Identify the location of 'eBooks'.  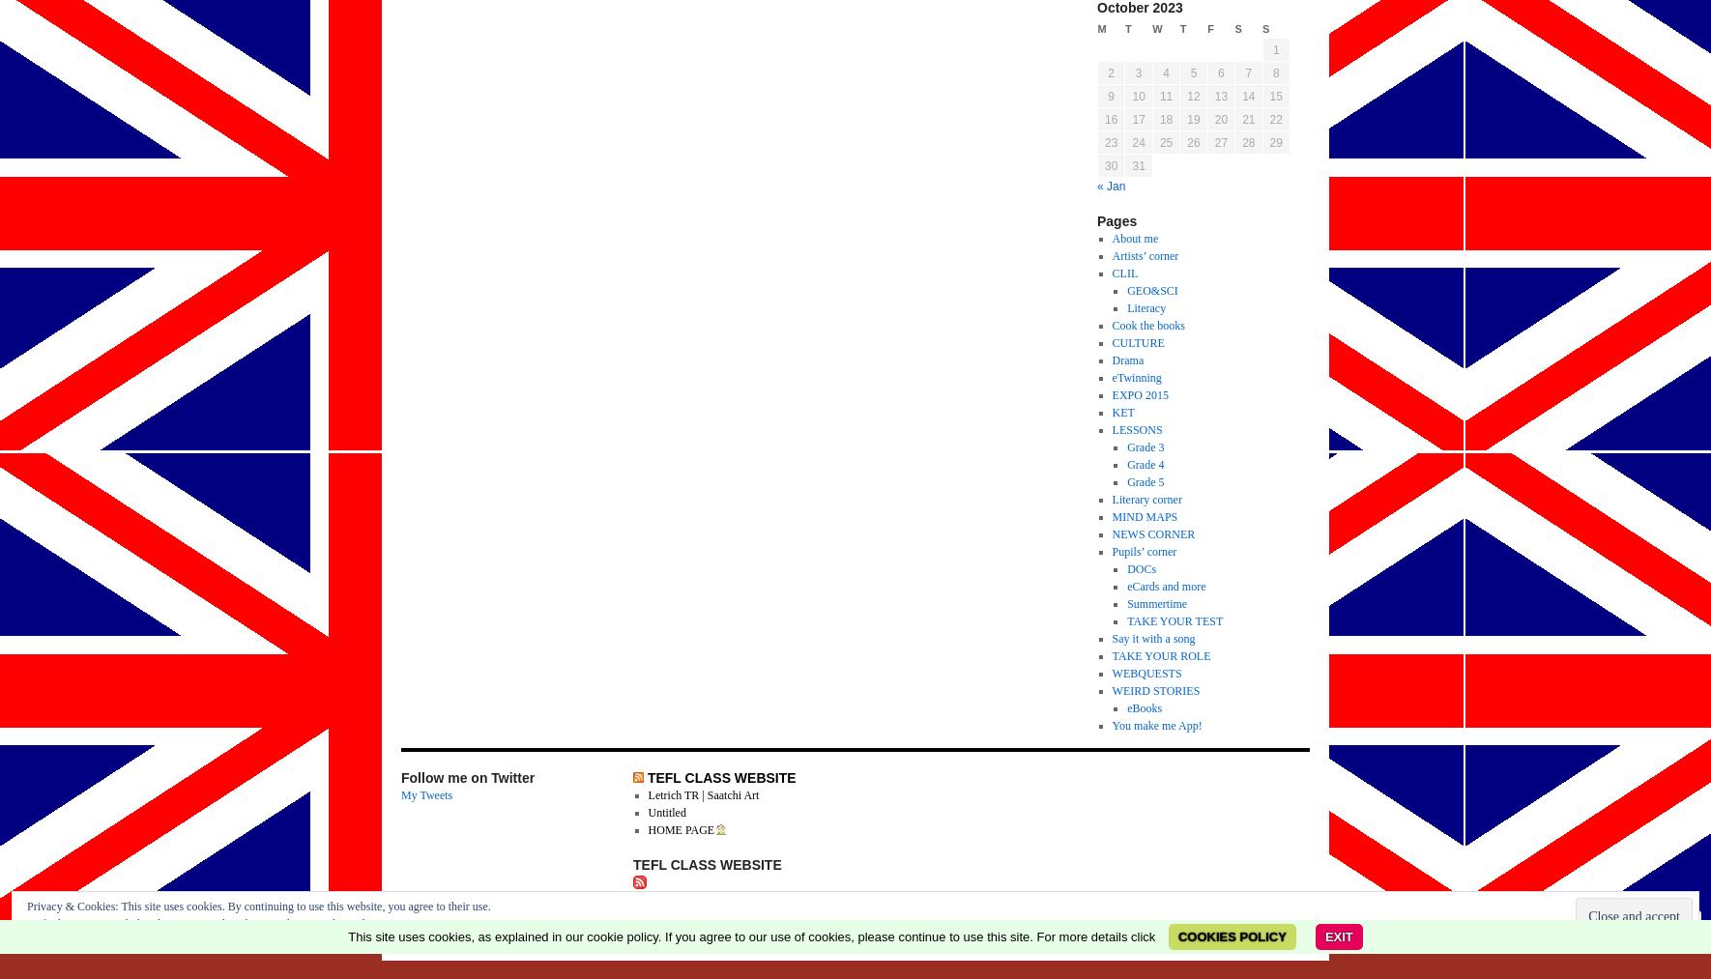
(1127, 708).